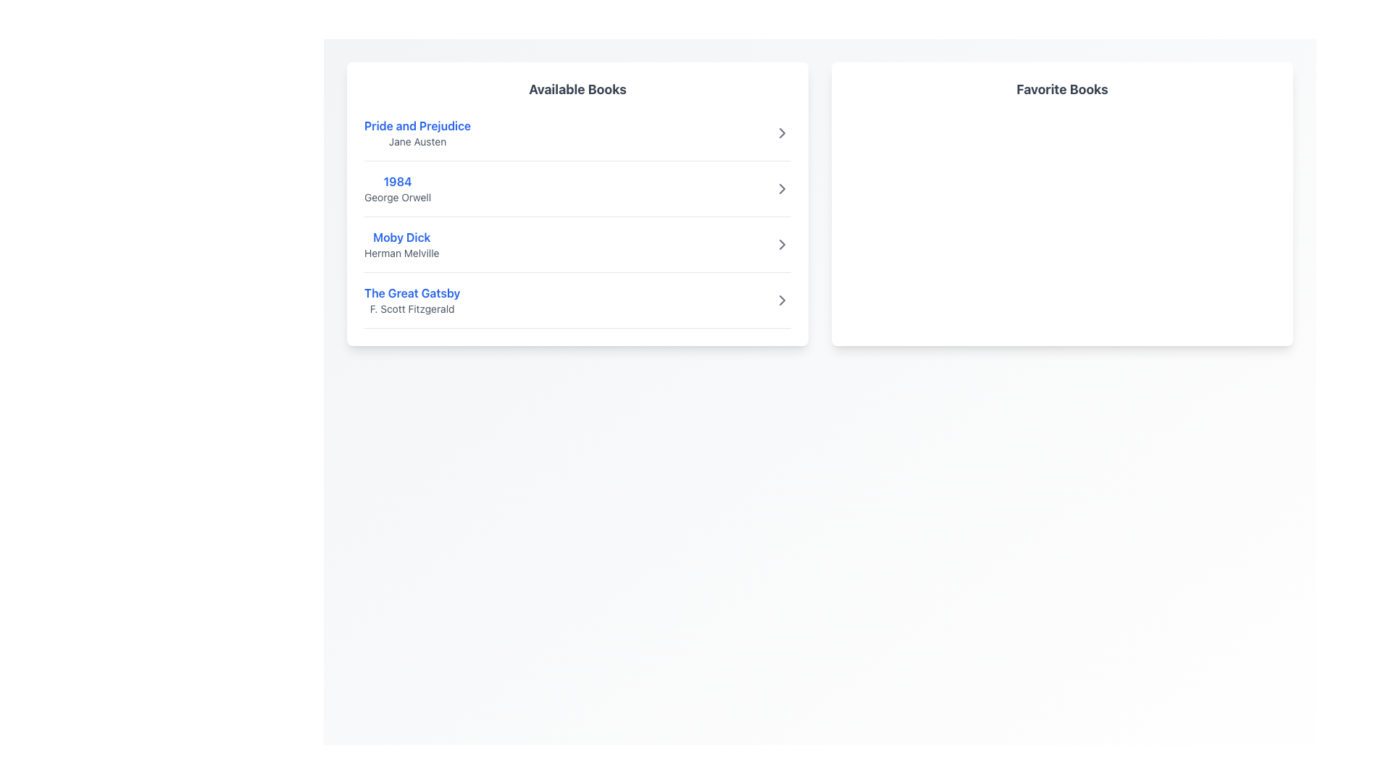 The image size is (1391, 782). I want to click on the button or icon located to the right of 'The Great Gatsby' in the 'Available Books' section to observe the color change, so click(782, 300).